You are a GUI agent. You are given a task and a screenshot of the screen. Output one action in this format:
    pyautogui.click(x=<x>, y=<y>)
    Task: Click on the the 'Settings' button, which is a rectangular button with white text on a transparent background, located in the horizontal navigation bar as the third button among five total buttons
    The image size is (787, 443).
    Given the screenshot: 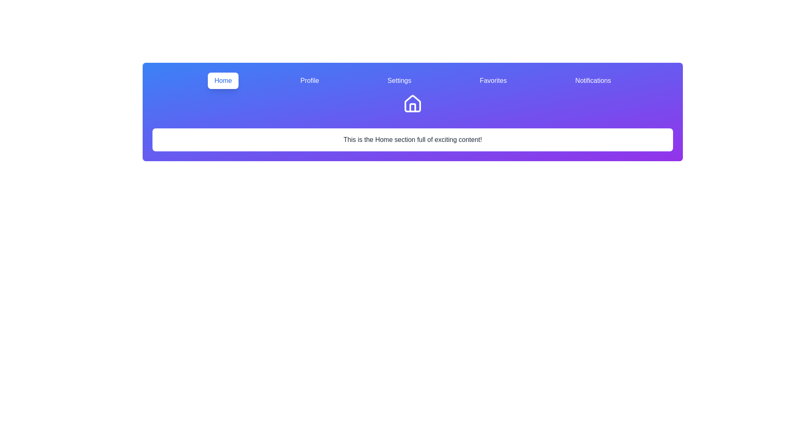 What is the action you would take?
    pyautogui.click(x=399, y=80)
    